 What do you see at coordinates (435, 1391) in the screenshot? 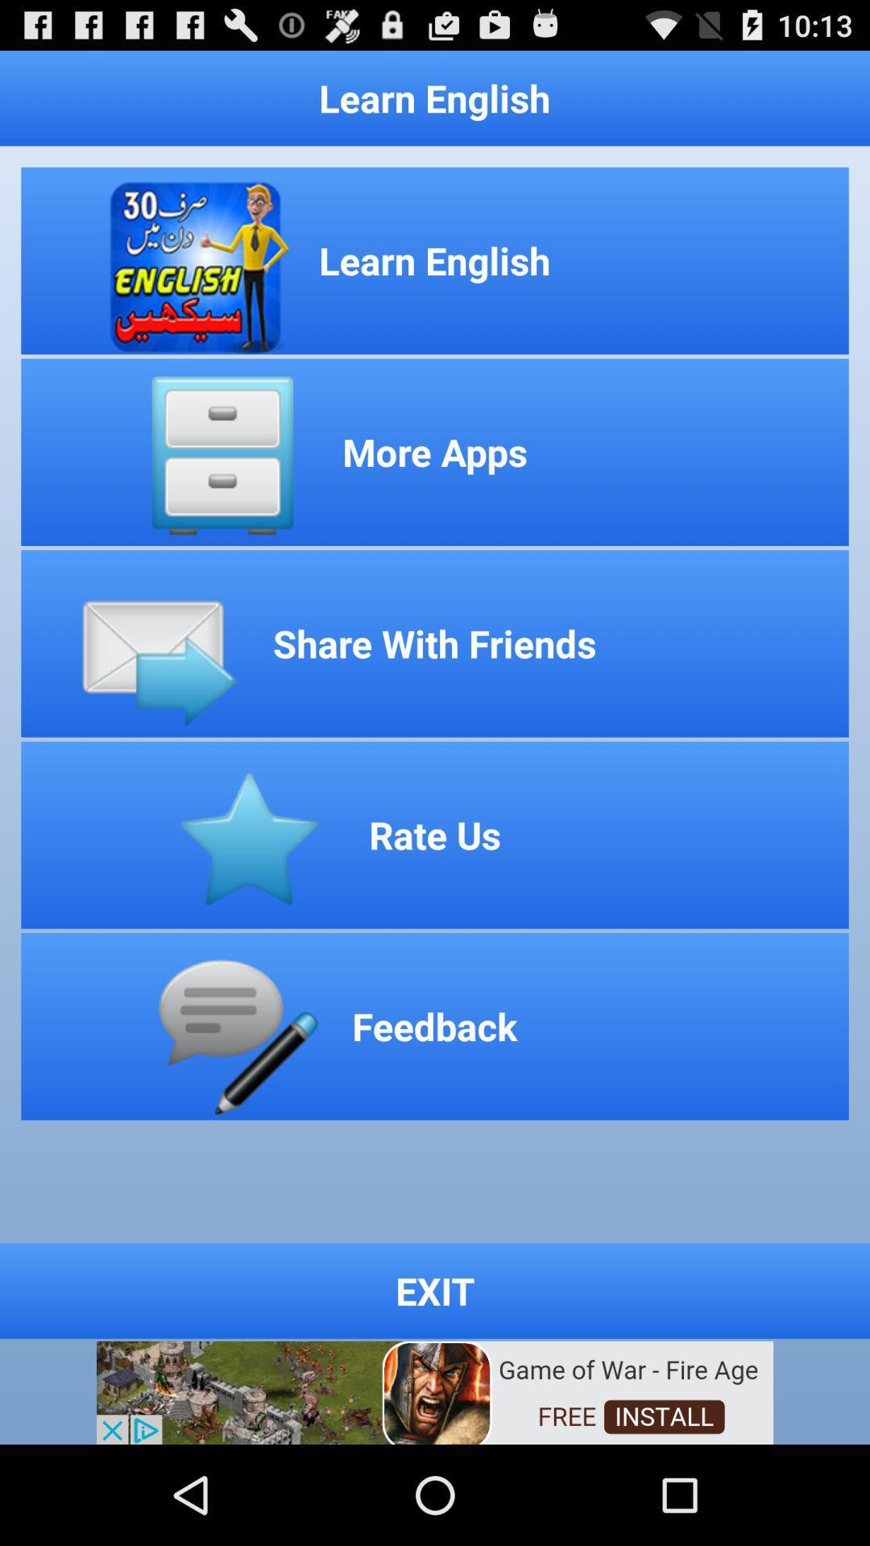
I see `advertising` at bounding box center [435, 1391].